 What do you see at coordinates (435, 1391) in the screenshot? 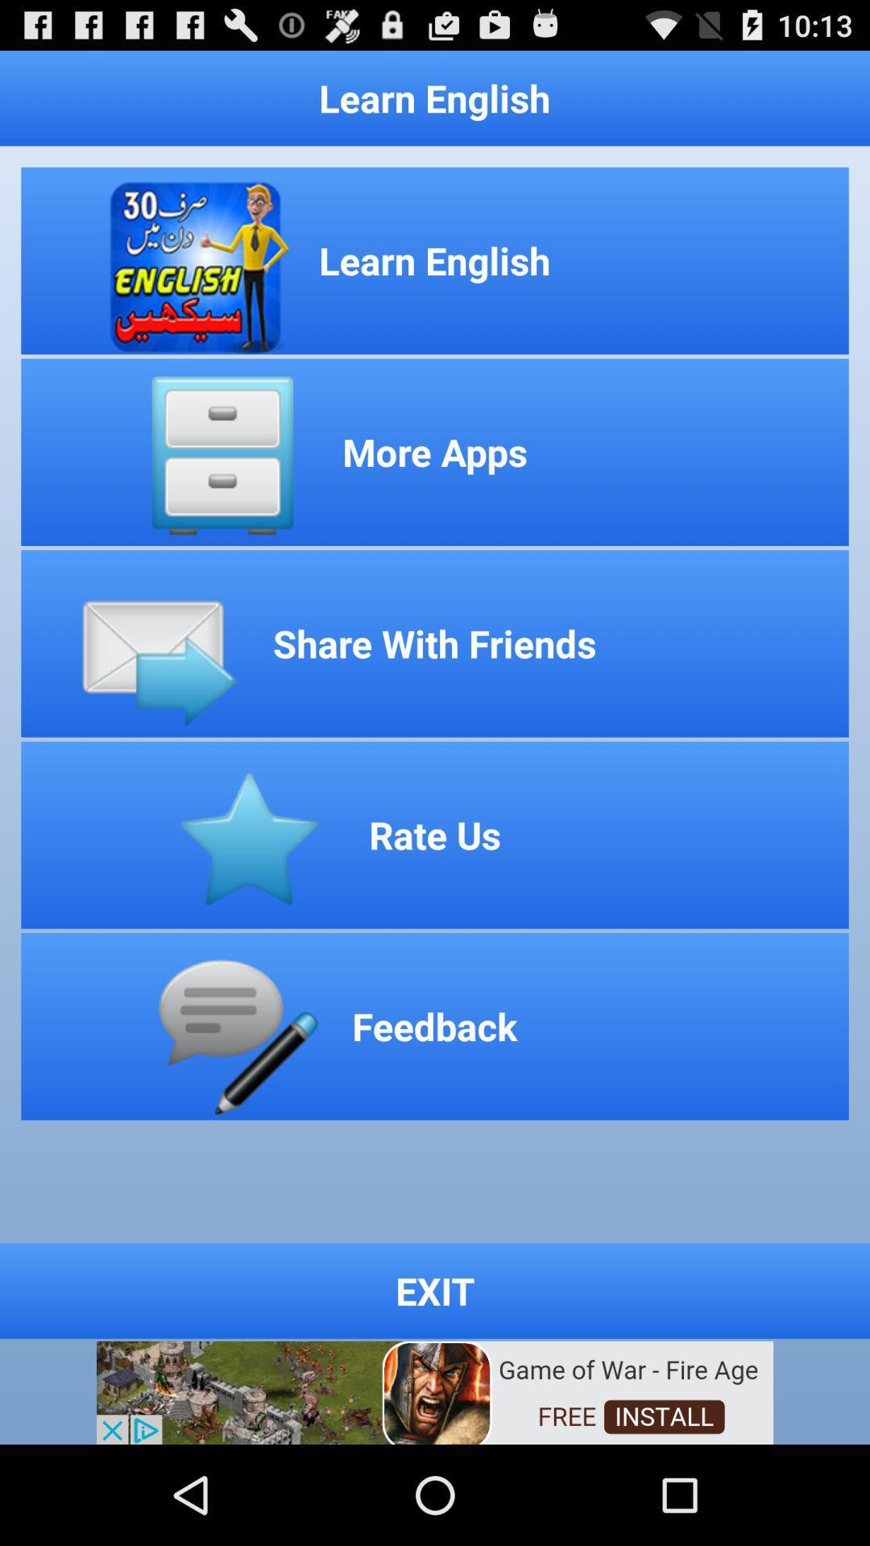
I see `advertising` at bounding box center [435, 1391].